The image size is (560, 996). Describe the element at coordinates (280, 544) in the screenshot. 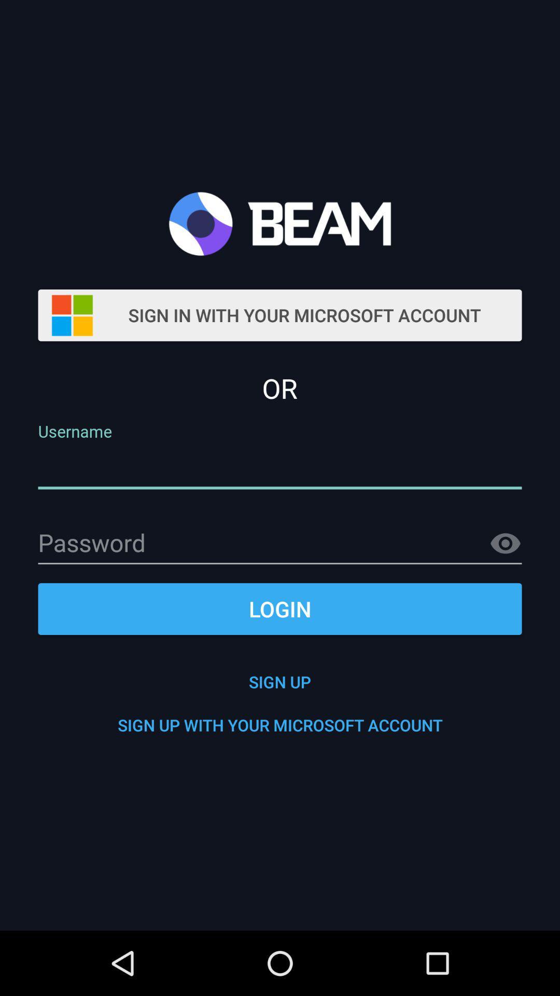

I see `text` at that location.